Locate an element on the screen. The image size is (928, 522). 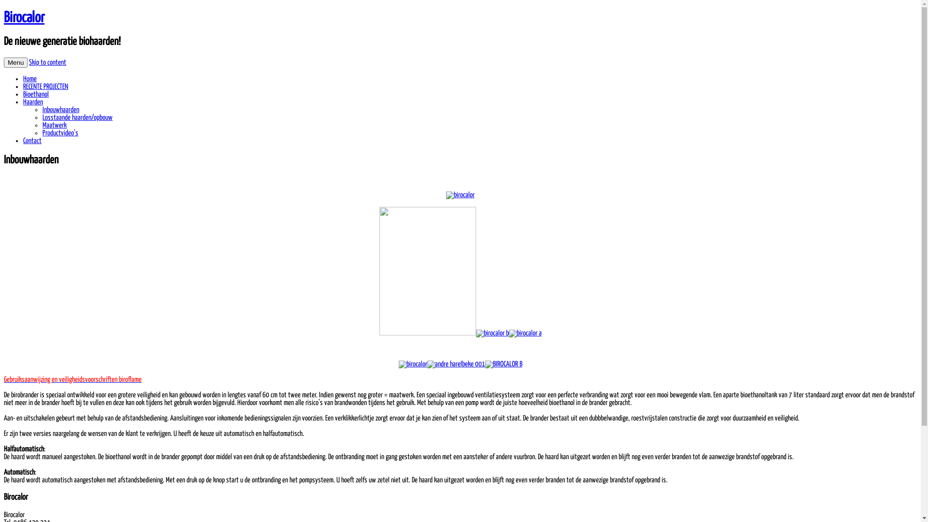
'Birocalor' is located at coordinates (24, 18).